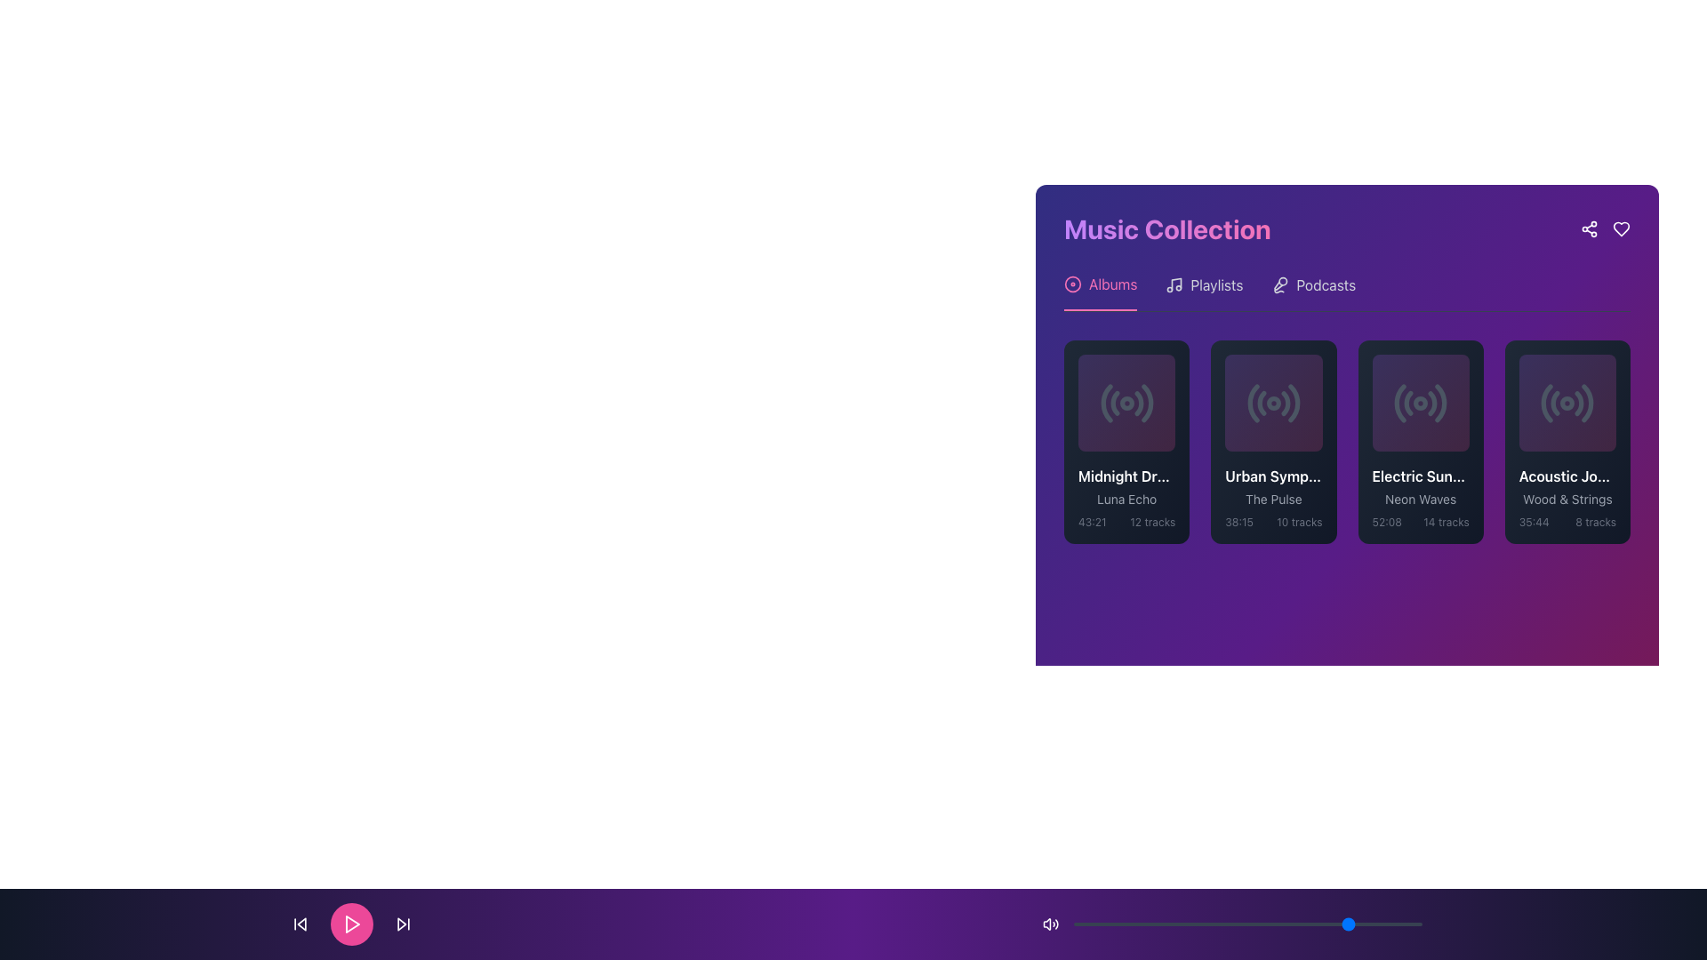 The width and height of the screenshot is (1707, 960). Describe the element at coordinates (1272, 441) in the screenshot. I see `the 'Urban Symphony' card, the second card in the music playlist grid` at that location.